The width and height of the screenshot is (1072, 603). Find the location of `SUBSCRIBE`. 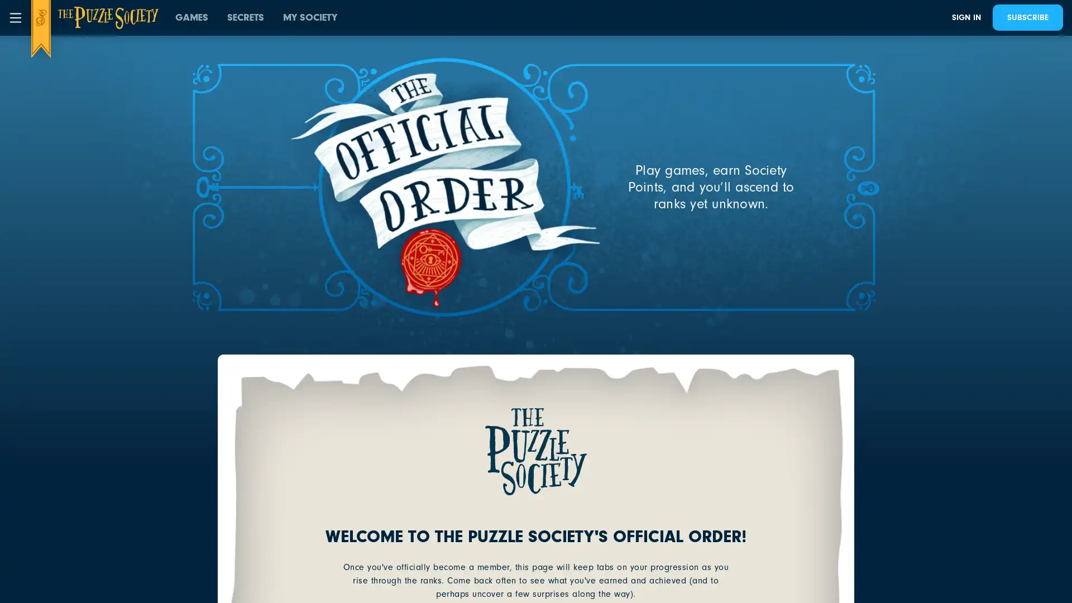

SUBSCRIBE is located at coordinates (1027, 17).